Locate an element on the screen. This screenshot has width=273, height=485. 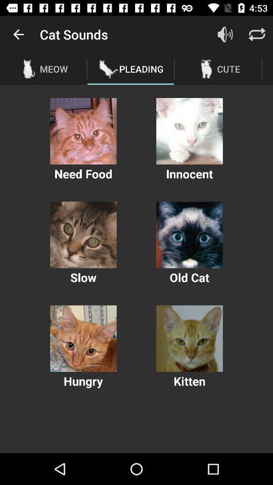
kitten photo is located at coordinates (189, 338).